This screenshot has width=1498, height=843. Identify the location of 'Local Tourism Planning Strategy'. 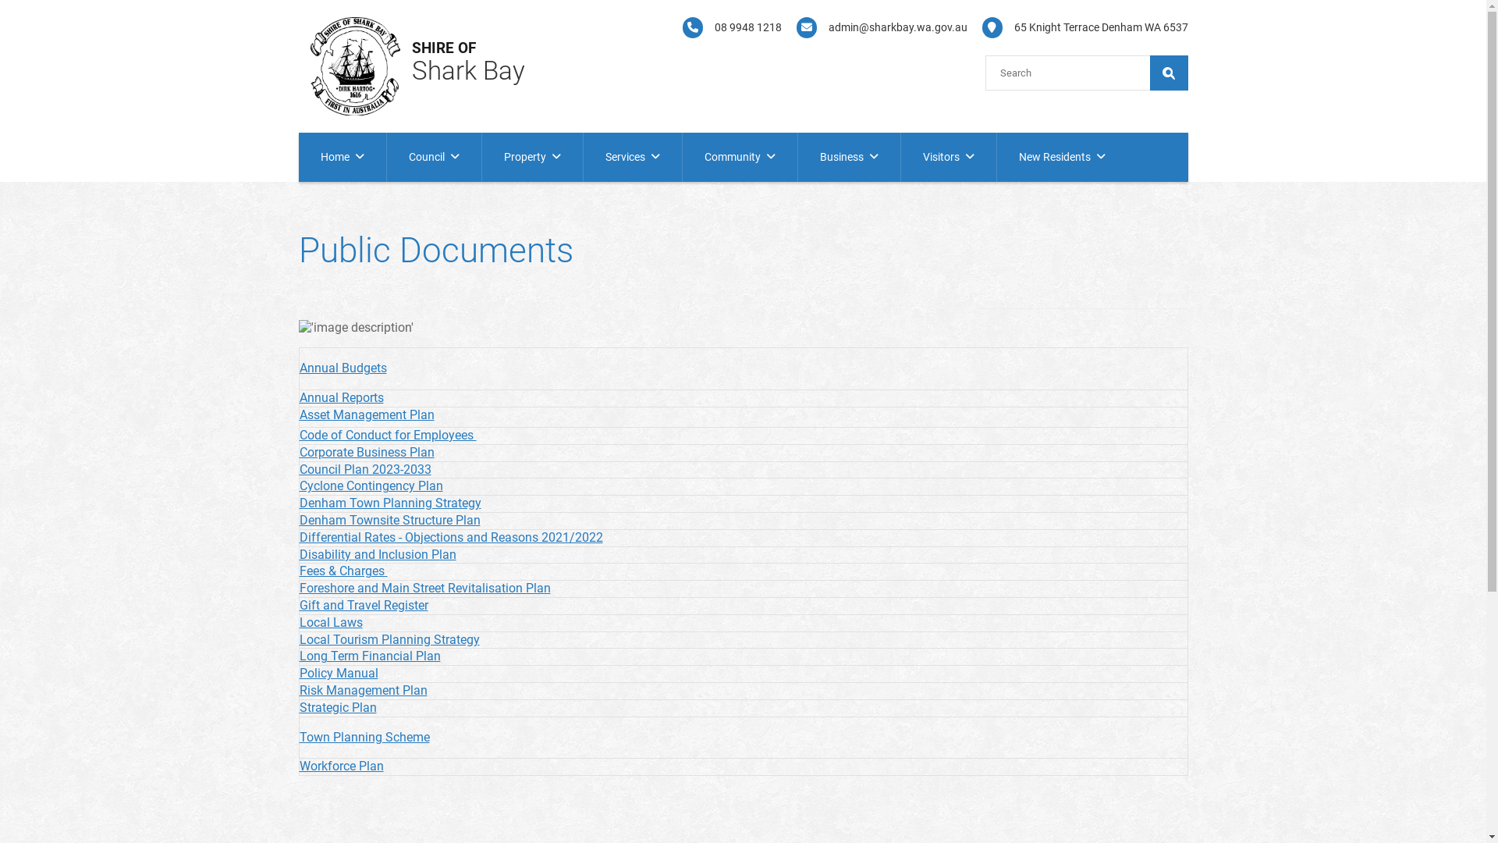
(389, 639).